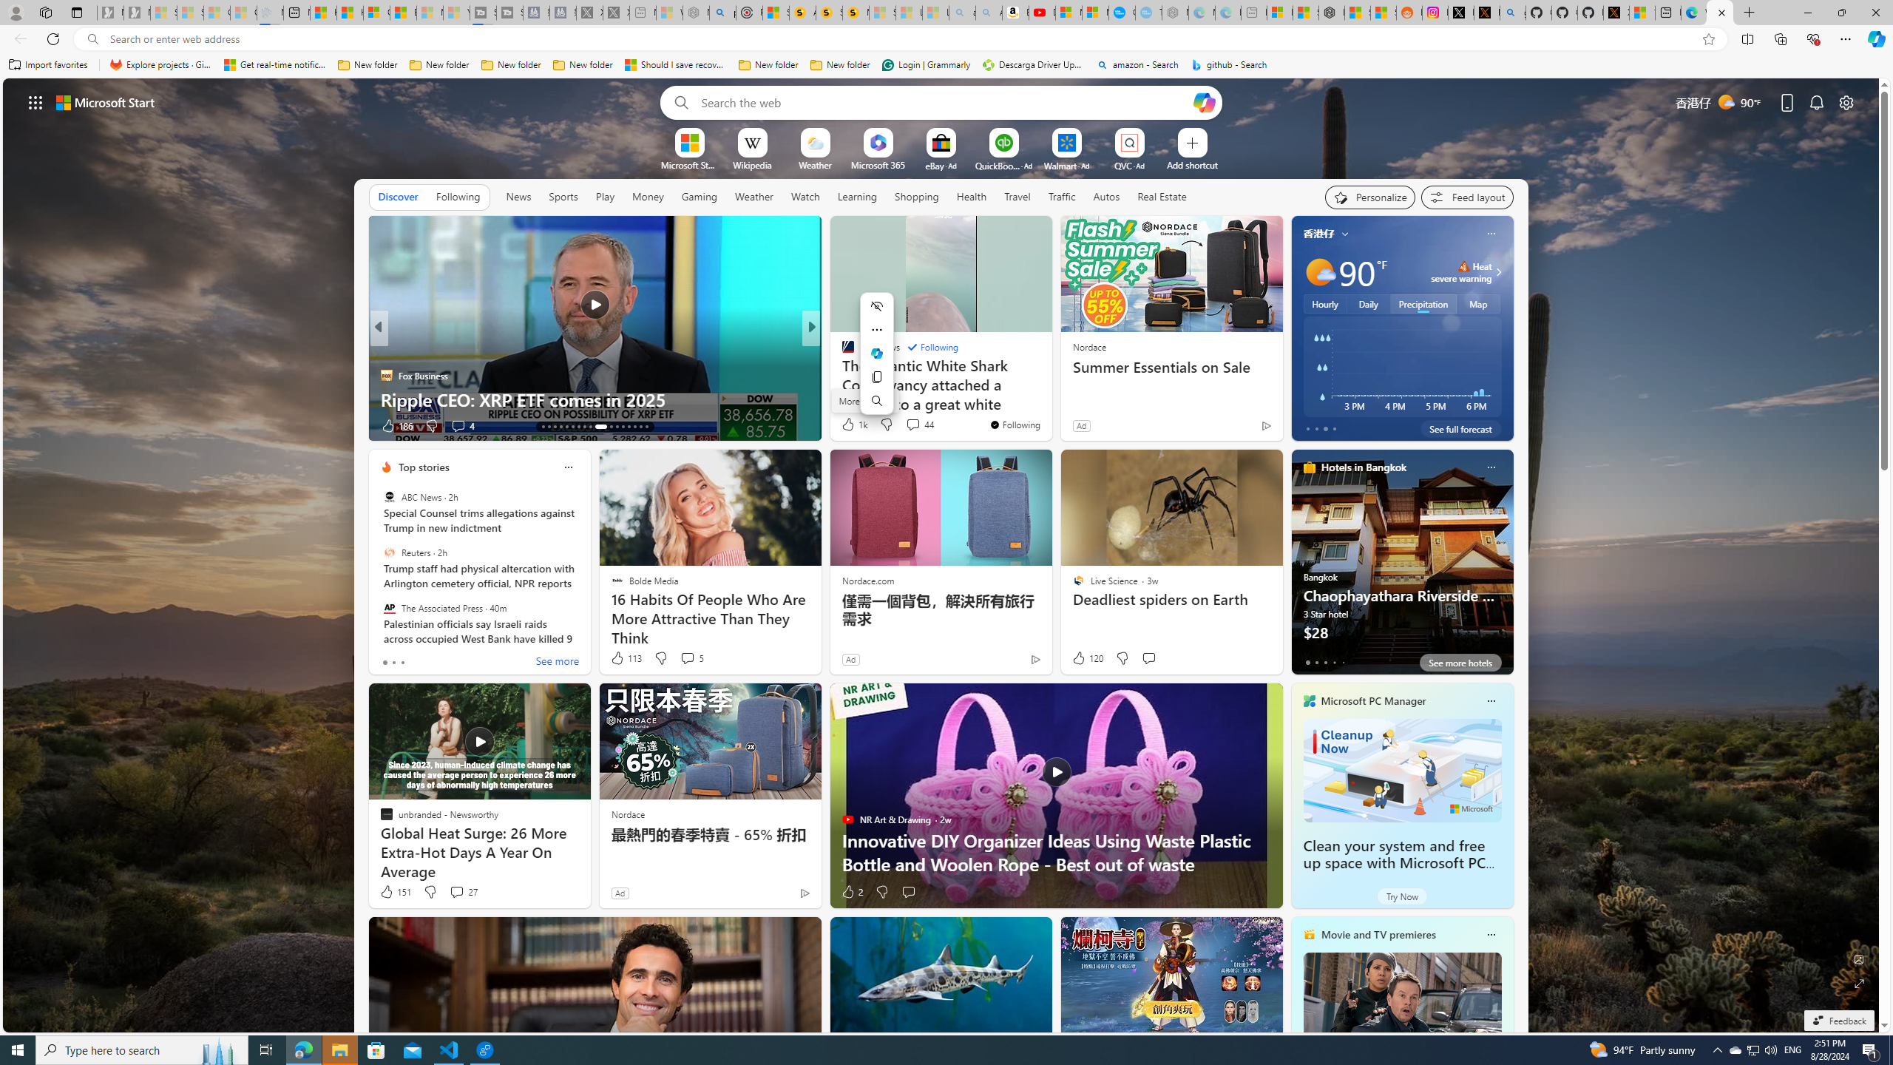 The width and height of the screenshot is (1893, 1065). Describe the element at coordinates (1875, 12) in the screenshot. I see `'Close'` at that location.